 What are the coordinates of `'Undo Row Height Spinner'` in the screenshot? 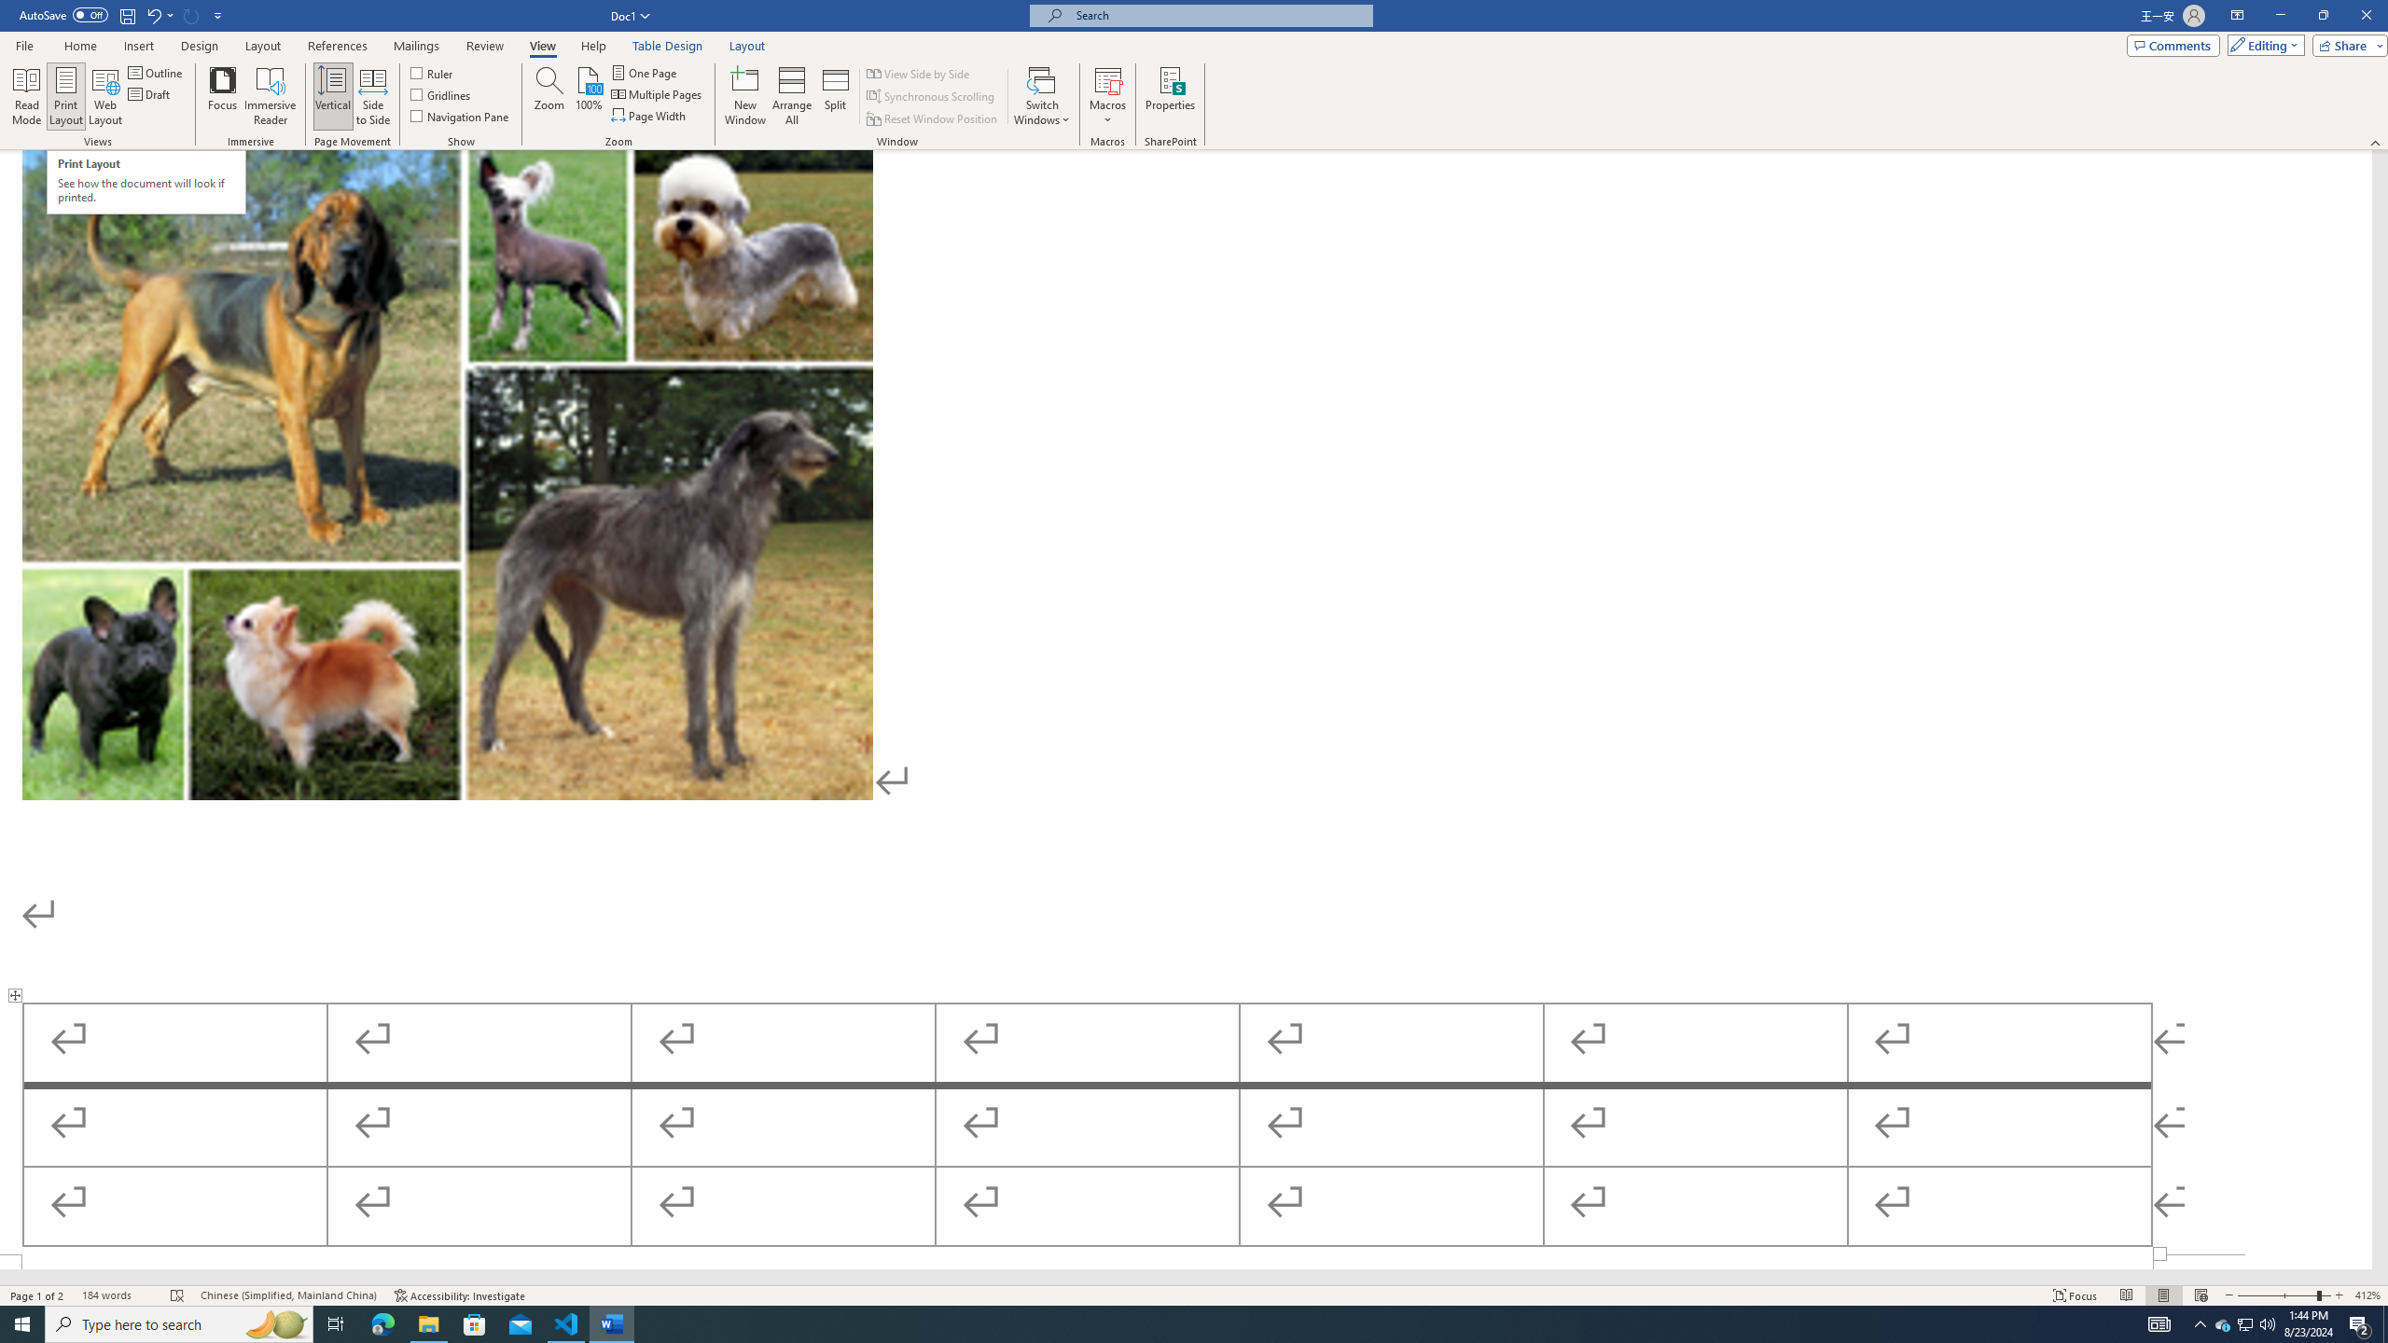 It's located at (152, 14).